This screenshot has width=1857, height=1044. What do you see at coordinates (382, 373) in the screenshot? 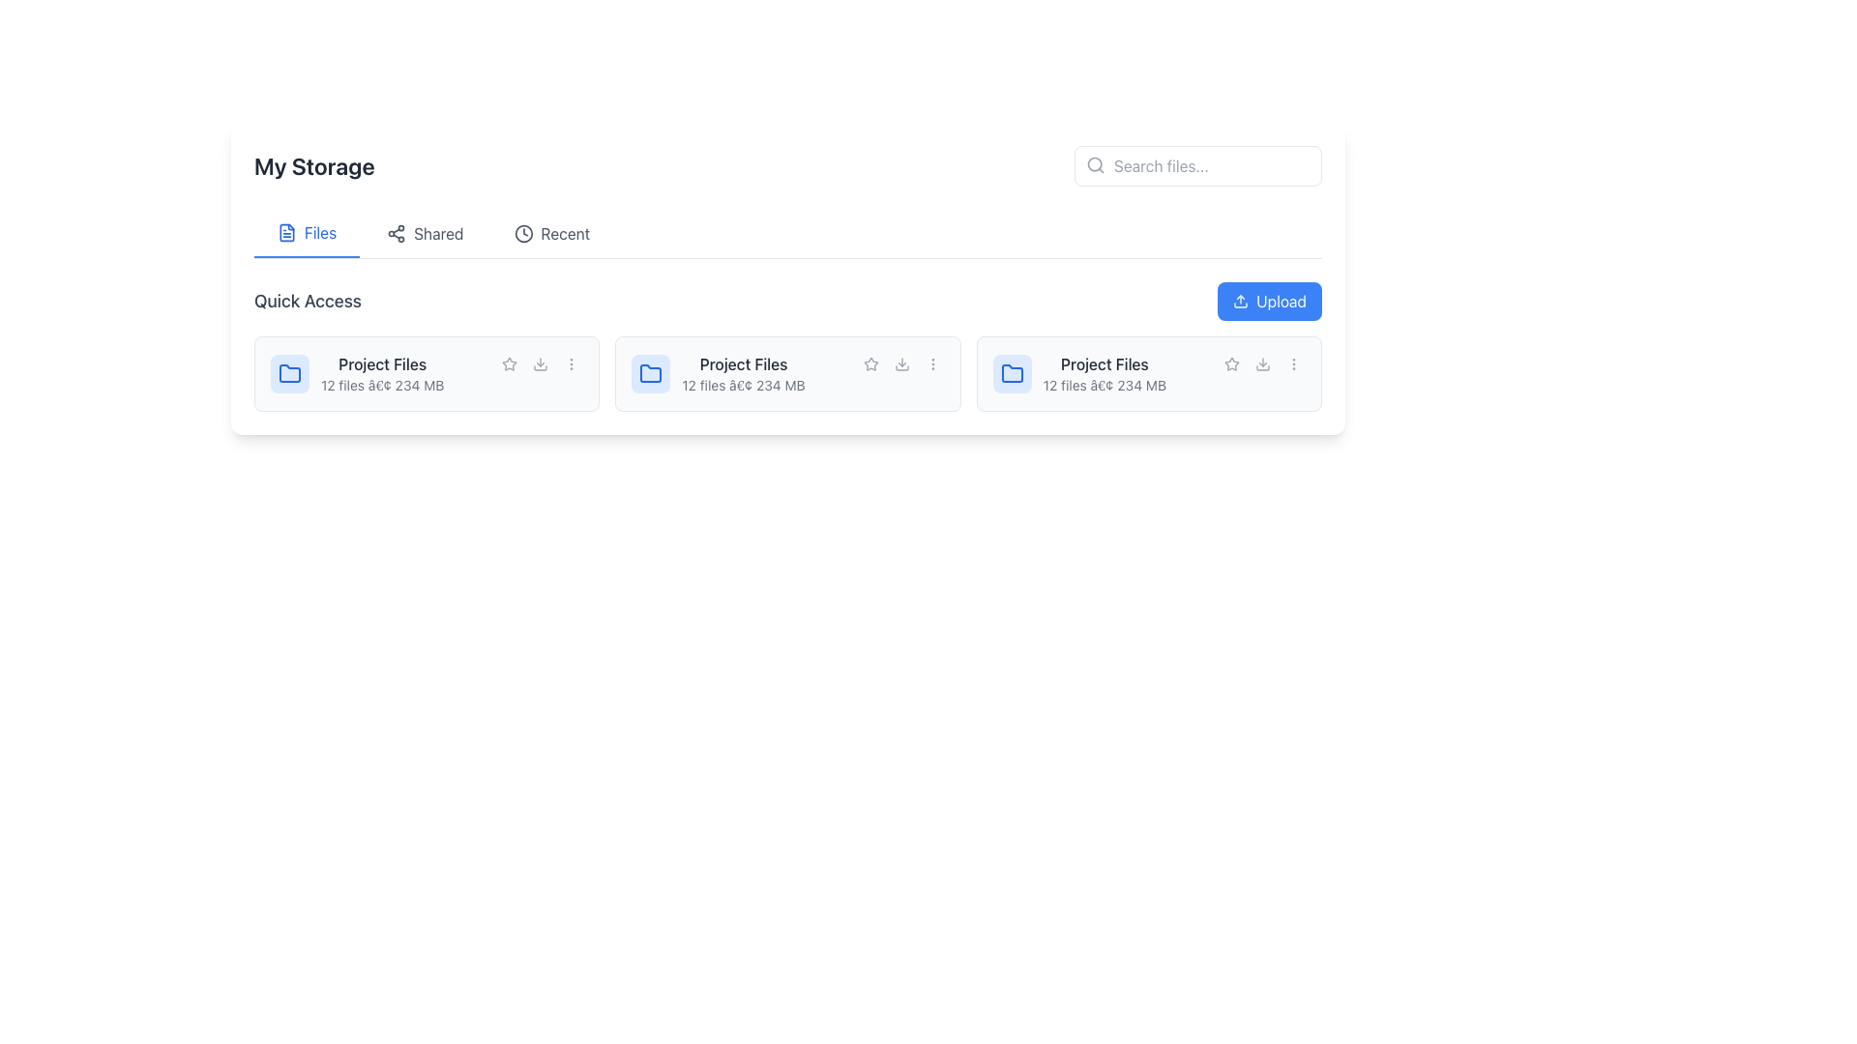
I see `the 'Project Files' text label, which displays 'Project Files' in bold gray and '12 files • 234 MB' beneath it, located in the 'Quick Access' section near the upper left of three similar entries` at bounding box center [382, 373].